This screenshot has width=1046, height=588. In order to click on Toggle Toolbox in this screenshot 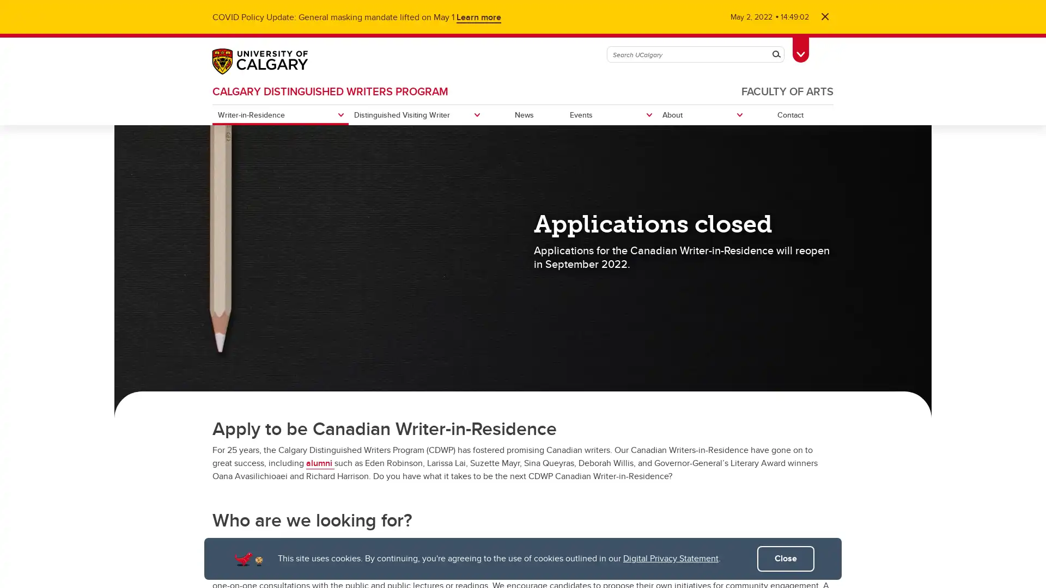, I will do `click(800, 47)`.